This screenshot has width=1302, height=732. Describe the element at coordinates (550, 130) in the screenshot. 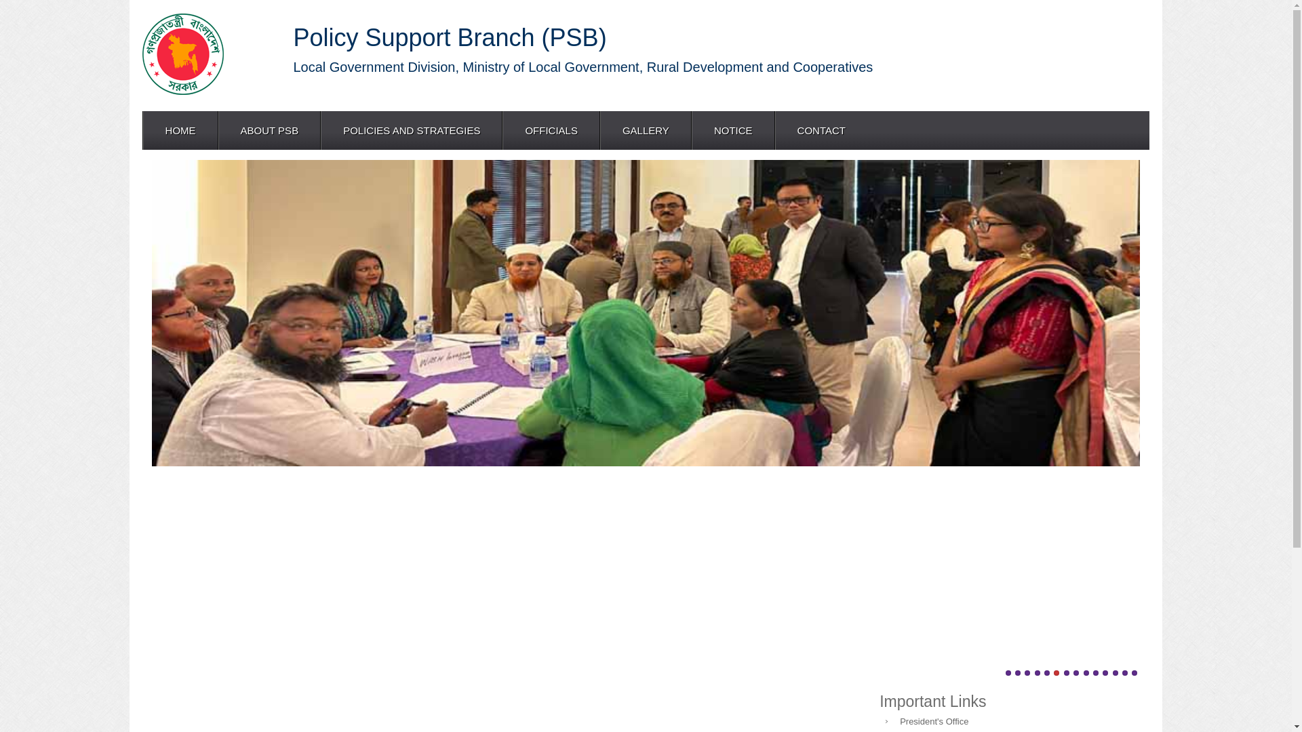

I see `'OFFICIALS'` at that location.